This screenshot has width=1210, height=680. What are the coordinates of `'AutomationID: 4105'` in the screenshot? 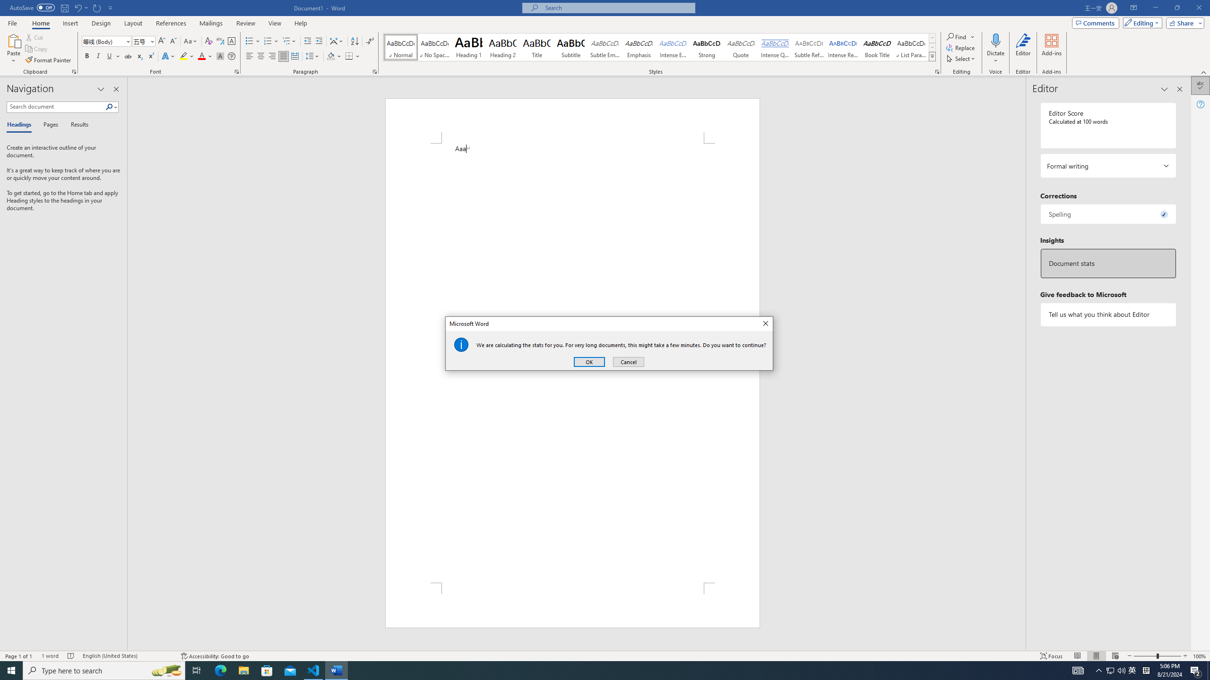 It's located at (1121, 670).